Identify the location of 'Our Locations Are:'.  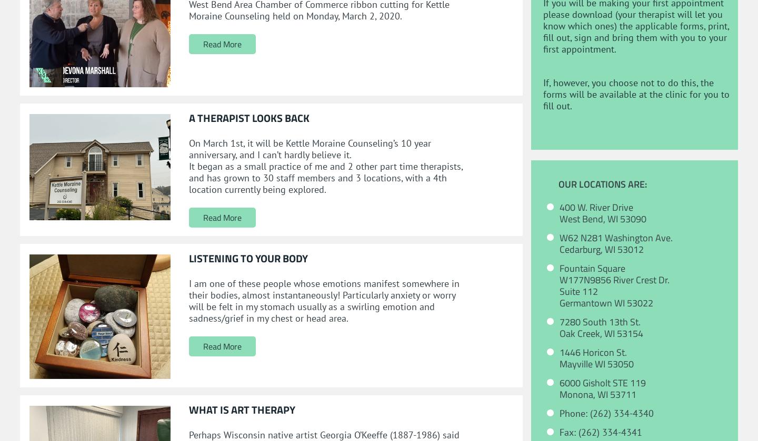
(558, 184).